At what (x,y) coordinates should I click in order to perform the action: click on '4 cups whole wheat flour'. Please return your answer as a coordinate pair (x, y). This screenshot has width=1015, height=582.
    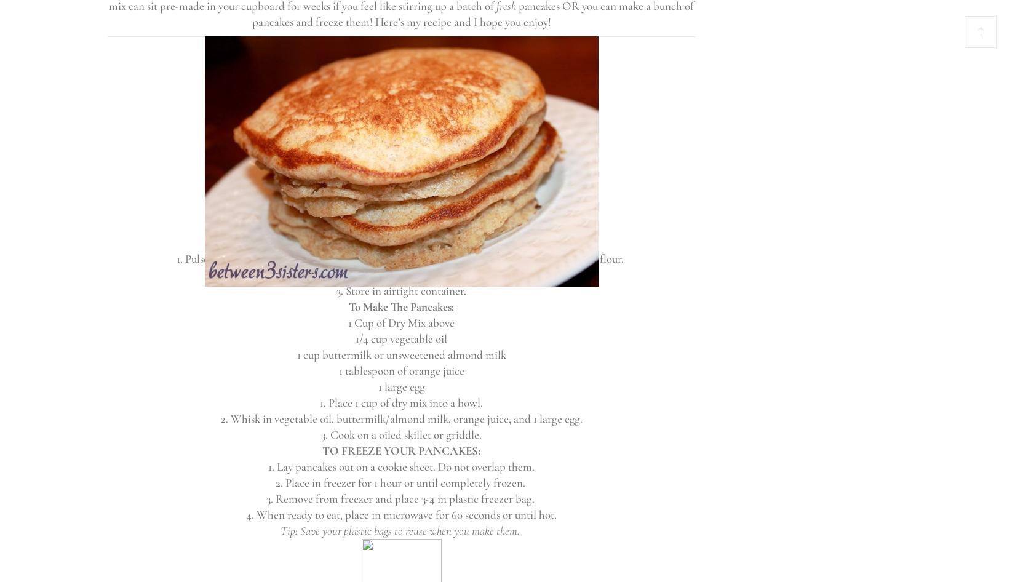
    Looking at the image, I should click on (344, 146).